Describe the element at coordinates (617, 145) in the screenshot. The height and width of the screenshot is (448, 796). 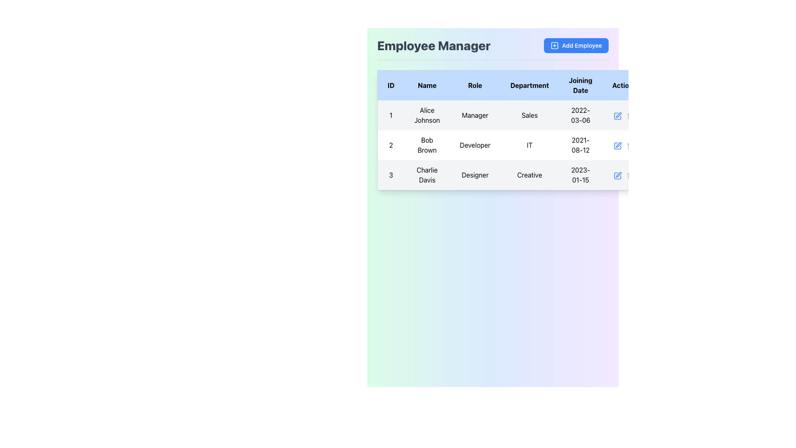
I see `the blue pen icon in the 'Action' column of the second row to initiate edit mode for Bob Brown's employee record` at that location.